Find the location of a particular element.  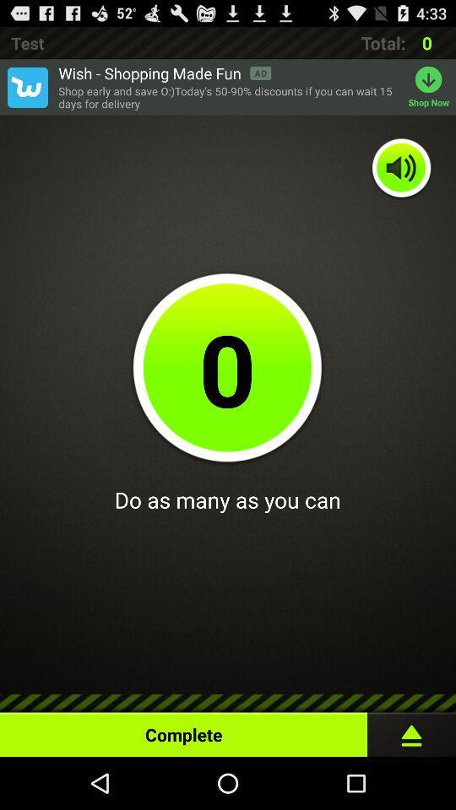

icon to the left of the total: app is located at coordinates (165, 73).